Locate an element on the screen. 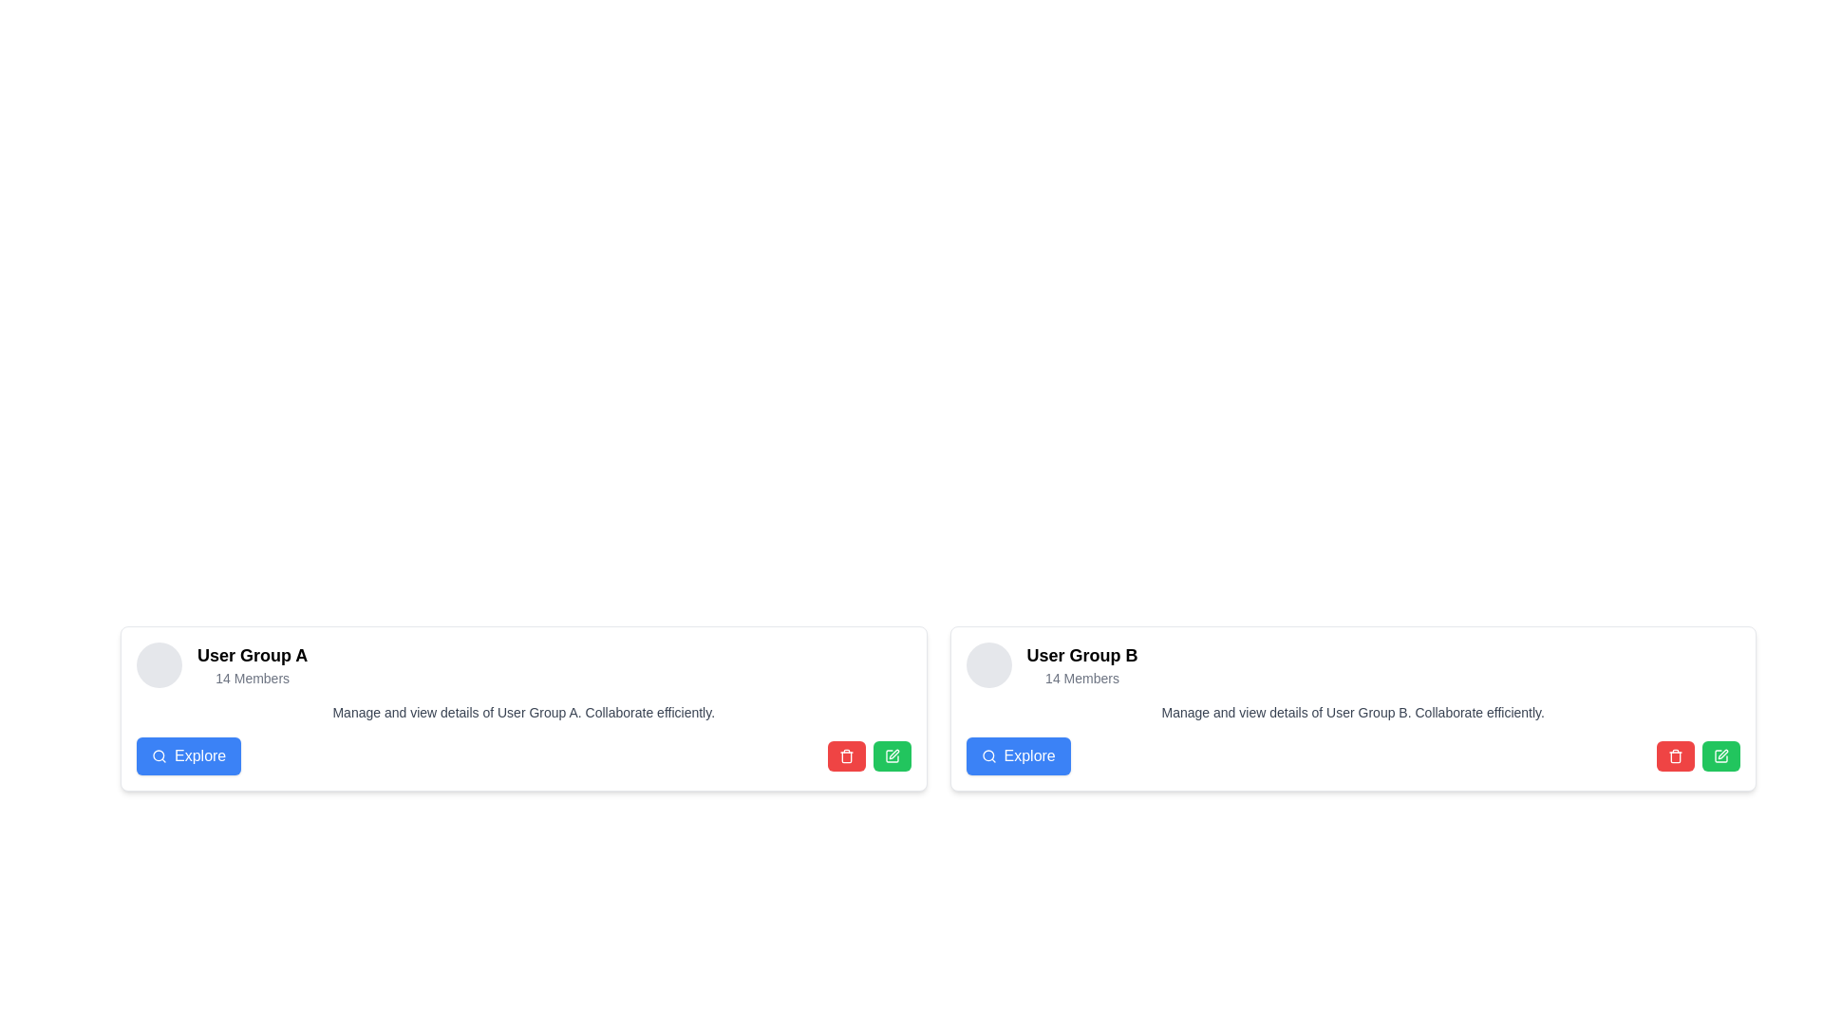 The width and height of the screenshot is (1823, 1025). the text information in the title and subtitle format element that displays 'User Group A' and '14 Members' within the card structure on the left side of the interface is located at coordinates (252, 664).